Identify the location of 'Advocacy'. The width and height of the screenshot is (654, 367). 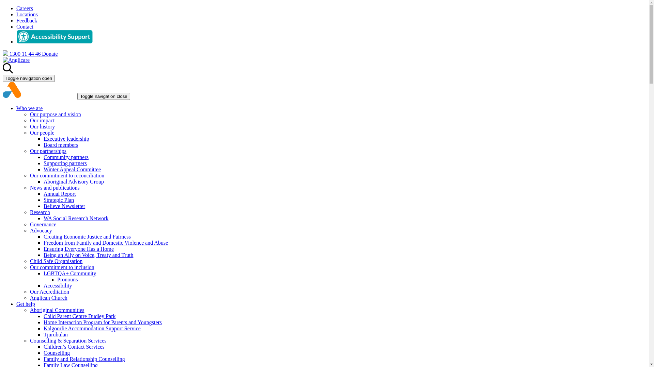
(41, 230).